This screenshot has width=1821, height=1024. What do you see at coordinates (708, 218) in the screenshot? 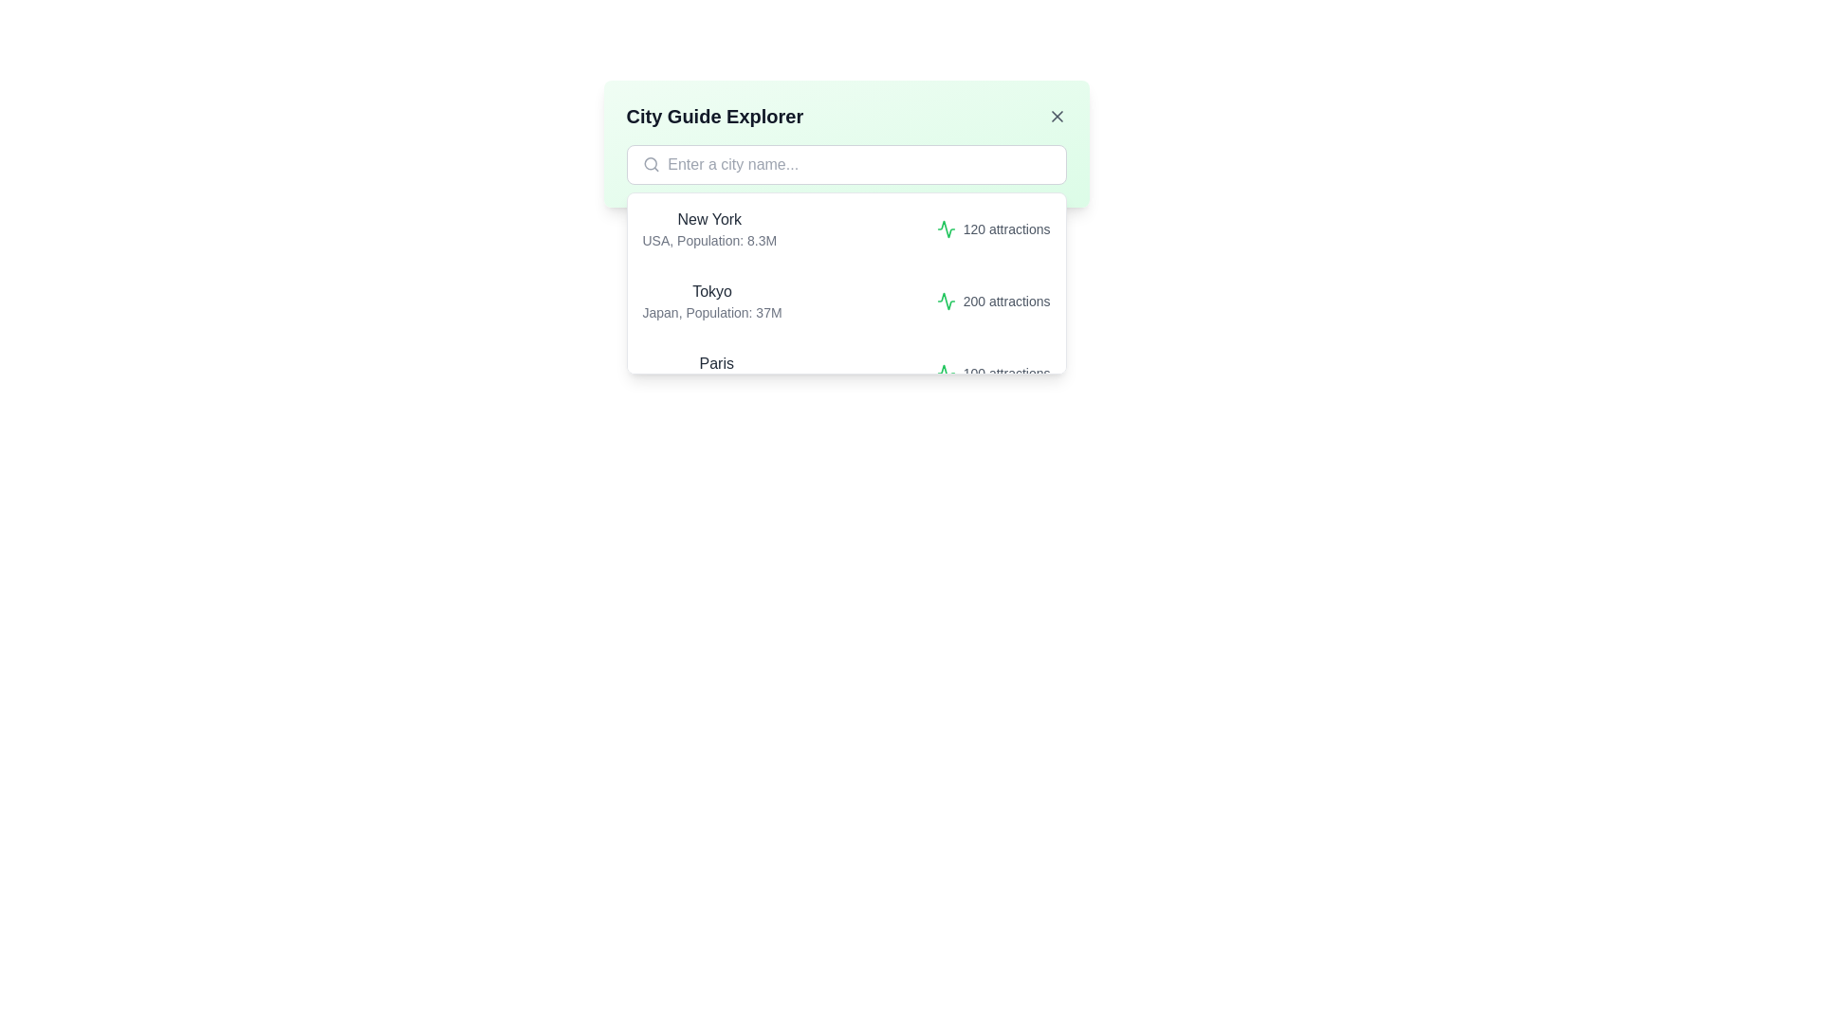
I see `the text label displaying 'New York', which is positioned at the top of the first entry in the 'City Guide Explorer' interface, above the description 'USA, Population: 8.3M'` at bounding box center [708, 218].